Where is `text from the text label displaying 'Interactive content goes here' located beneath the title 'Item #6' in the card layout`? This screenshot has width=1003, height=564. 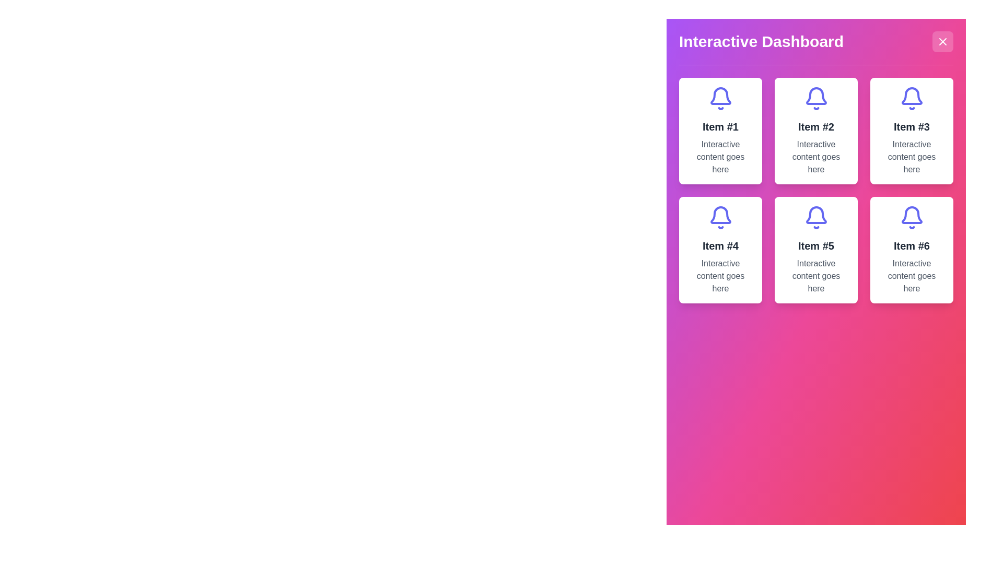
text from the text label displaying 'Interactive content goes here' located beneath the title 'Item #6' in the card layout is located at coordinates (911, 275).